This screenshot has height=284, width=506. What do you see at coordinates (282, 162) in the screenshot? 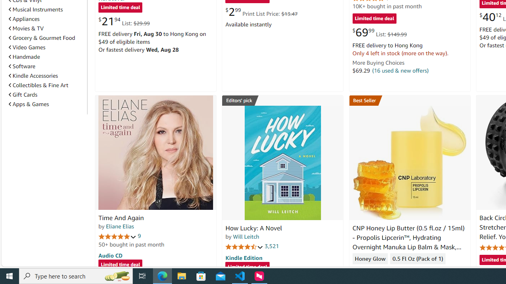
I see `'How Lucky: A Novel'` at bounding box center [282, 162].